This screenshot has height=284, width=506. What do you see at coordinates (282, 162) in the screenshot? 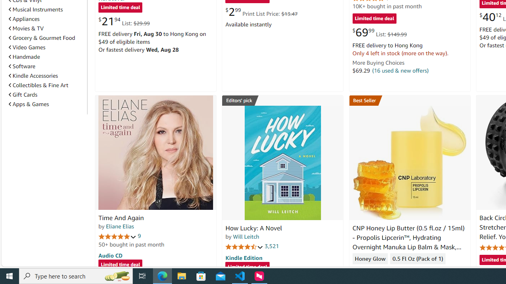
I see `'How Lucky: A Novel'` at bounding box center [282, 162].